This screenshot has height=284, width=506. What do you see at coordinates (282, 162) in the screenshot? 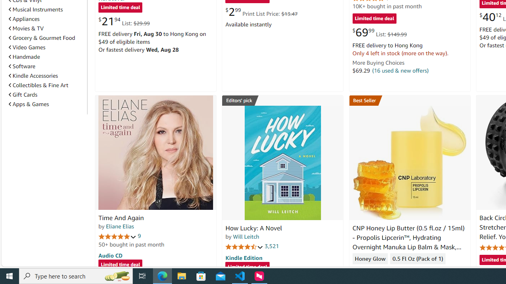
I see `'How Lucky: A Novel'` at bounding box center [282, 162].